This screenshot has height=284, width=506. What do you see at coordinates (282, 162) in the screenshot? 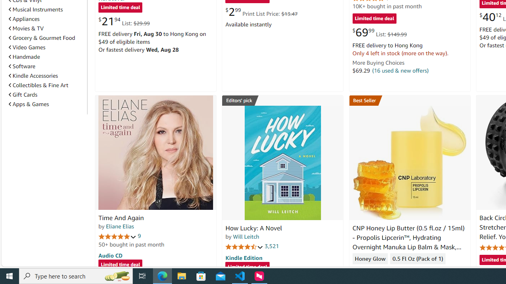
I see `'How Lucky: A Novel'` at bounding box center [282, 162].